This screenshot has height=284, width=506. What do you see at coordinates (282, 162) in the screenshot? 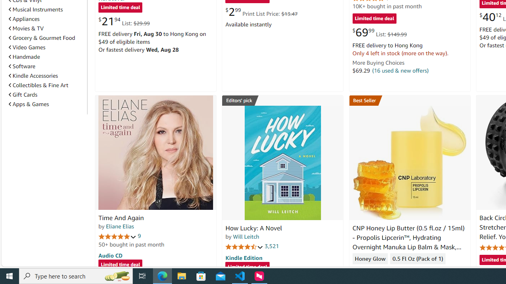
I see `'How Lucky: A Novel'` at bounding box center [282, 162].